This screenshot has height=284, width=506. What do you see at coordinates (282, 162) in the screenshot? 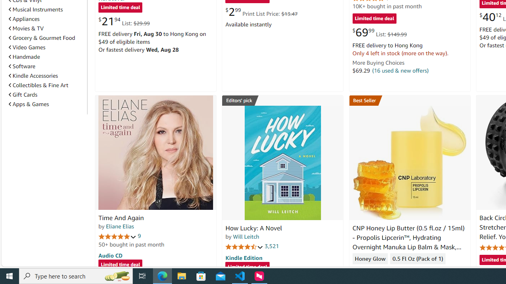
I see `'How Lucky: A Novel'` at bounding box center [282, 162].